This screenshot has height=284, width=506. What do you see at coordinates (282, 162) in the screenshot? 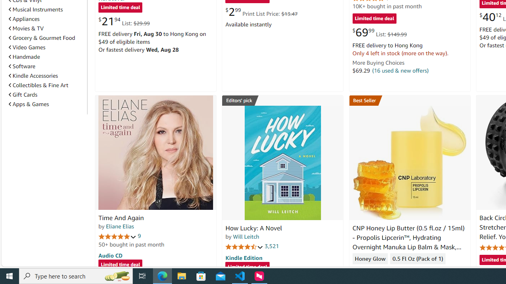
I see `'How Lucky: A Novel'` at bounding box center [282, 162].